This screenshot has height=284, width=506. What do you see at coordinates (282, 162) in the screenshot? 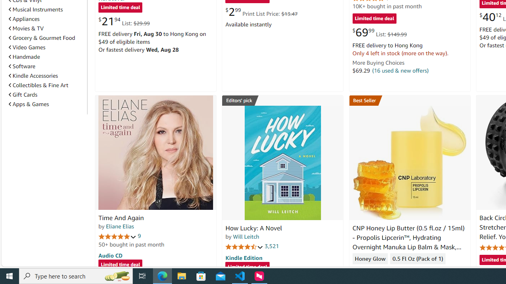
I see `'How Lucky: A Novel'` at bounding box center [282, 162].